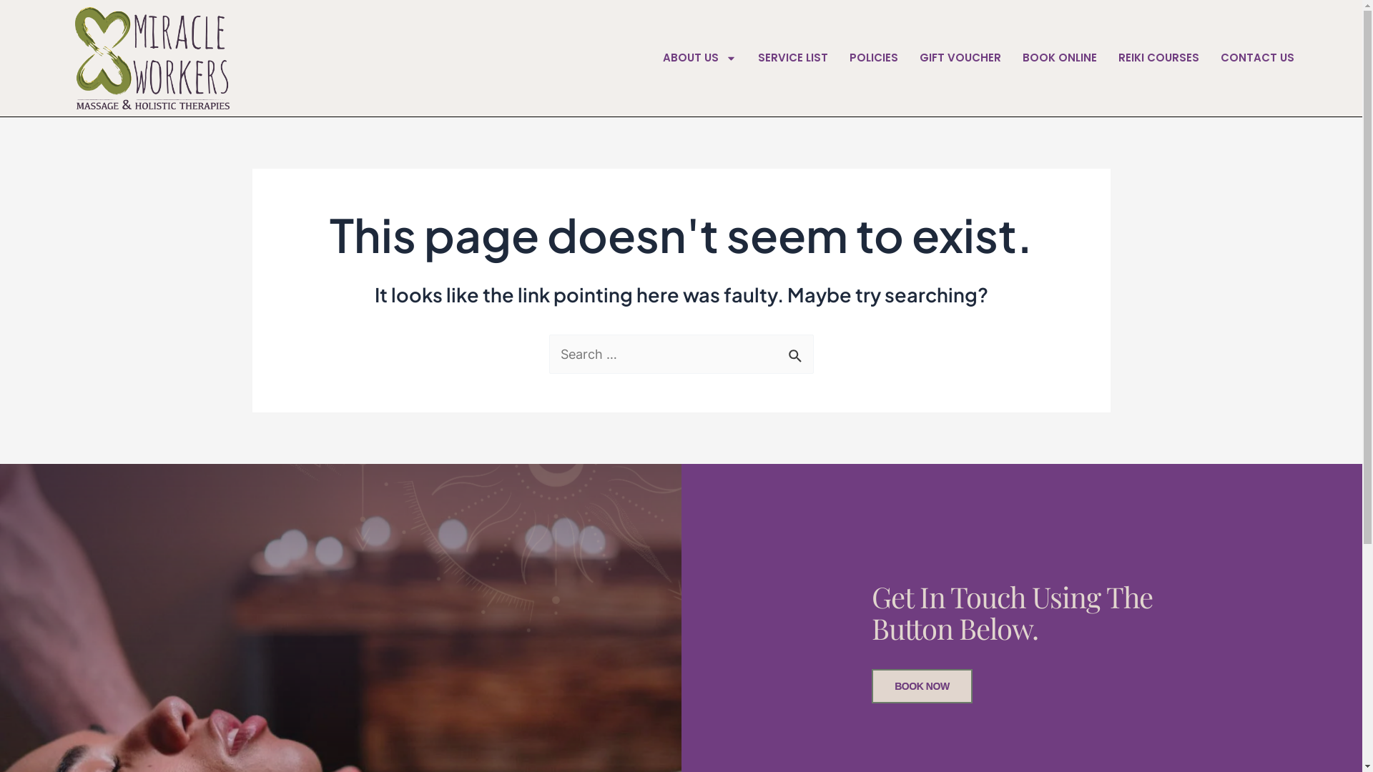  Describe the element at coordinates (796, 350) in the screenshot. I see `'Search'` at that location.